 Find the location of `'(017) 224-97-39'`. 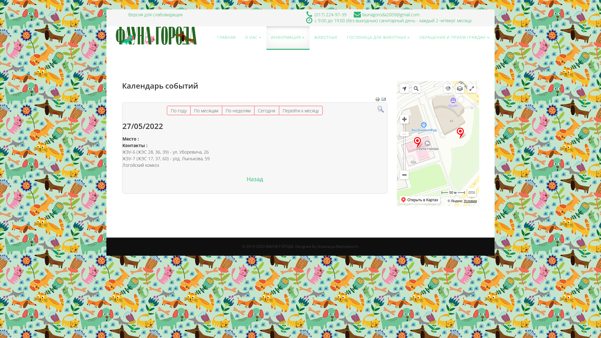

'(017) 224-97-39' is located at coordinates (330, 14).